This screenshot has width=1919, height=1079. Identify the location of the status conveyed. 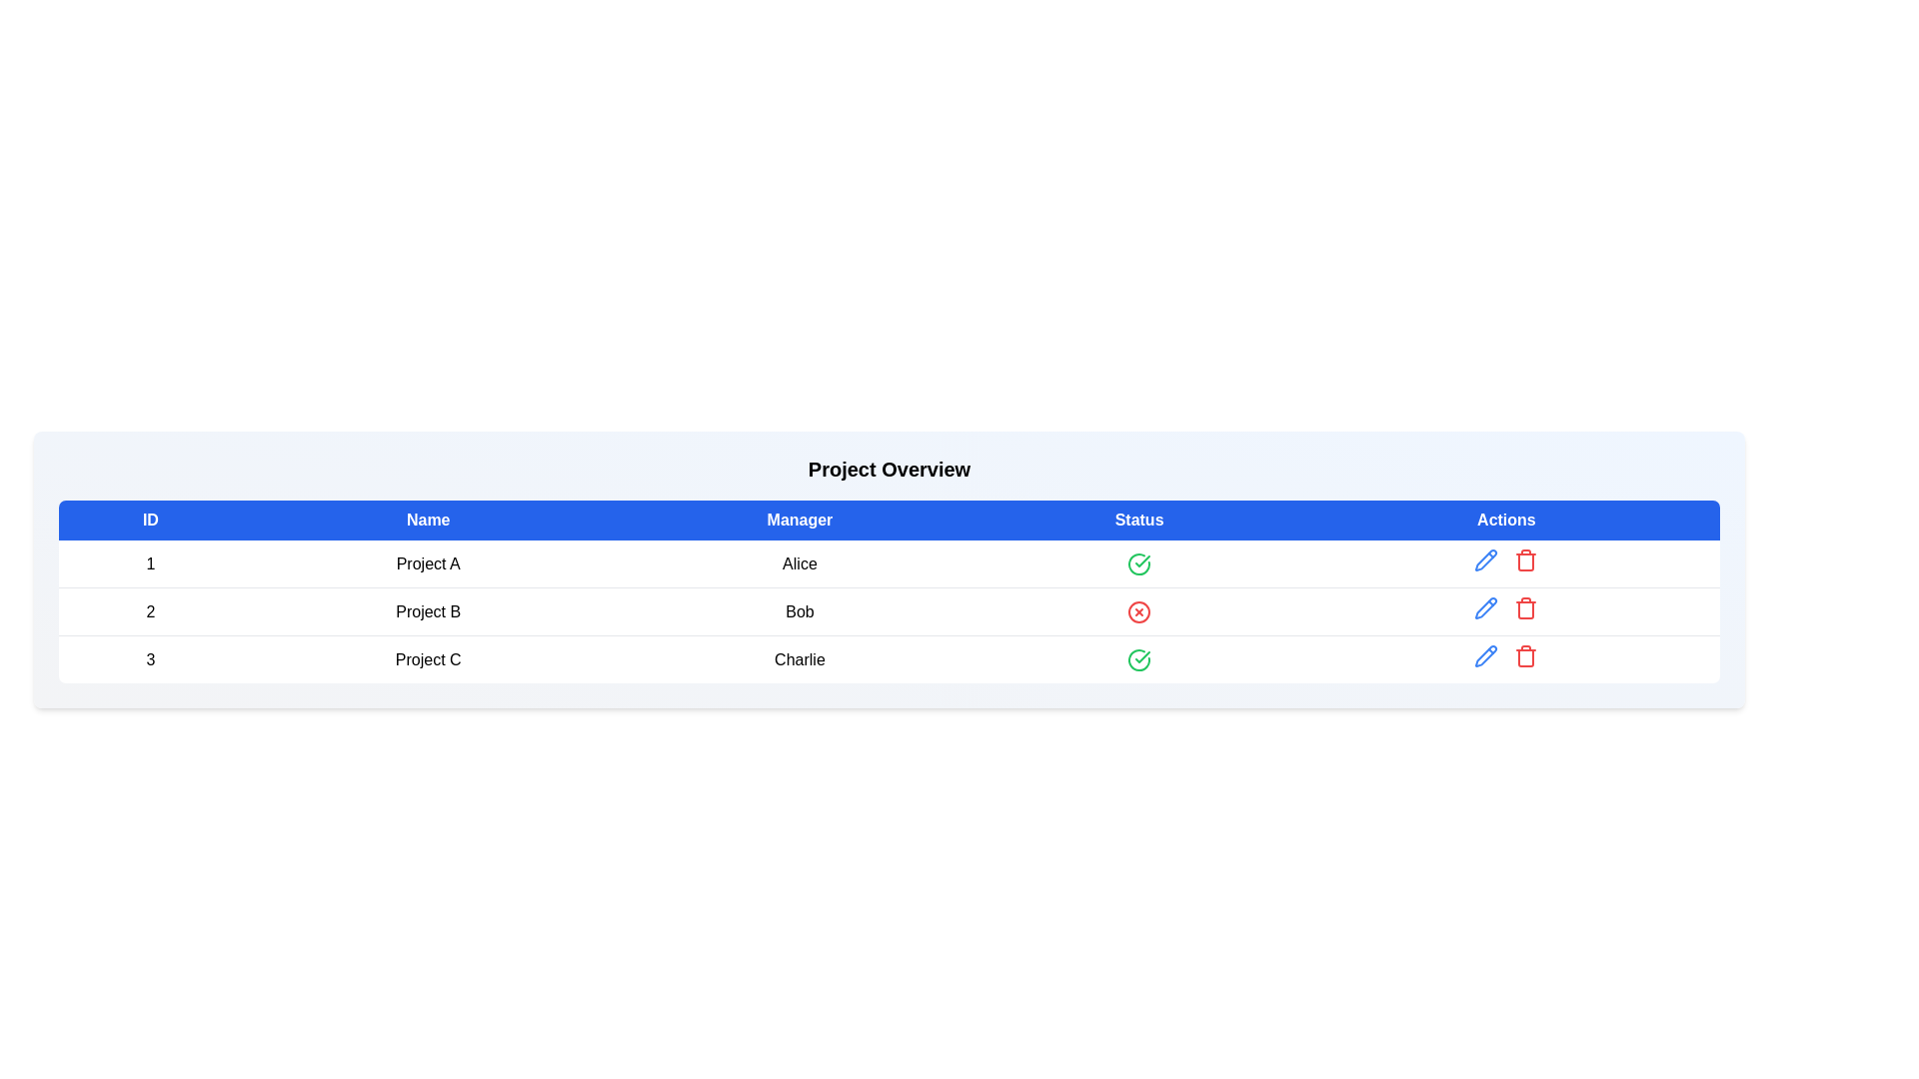
(1142, 560).